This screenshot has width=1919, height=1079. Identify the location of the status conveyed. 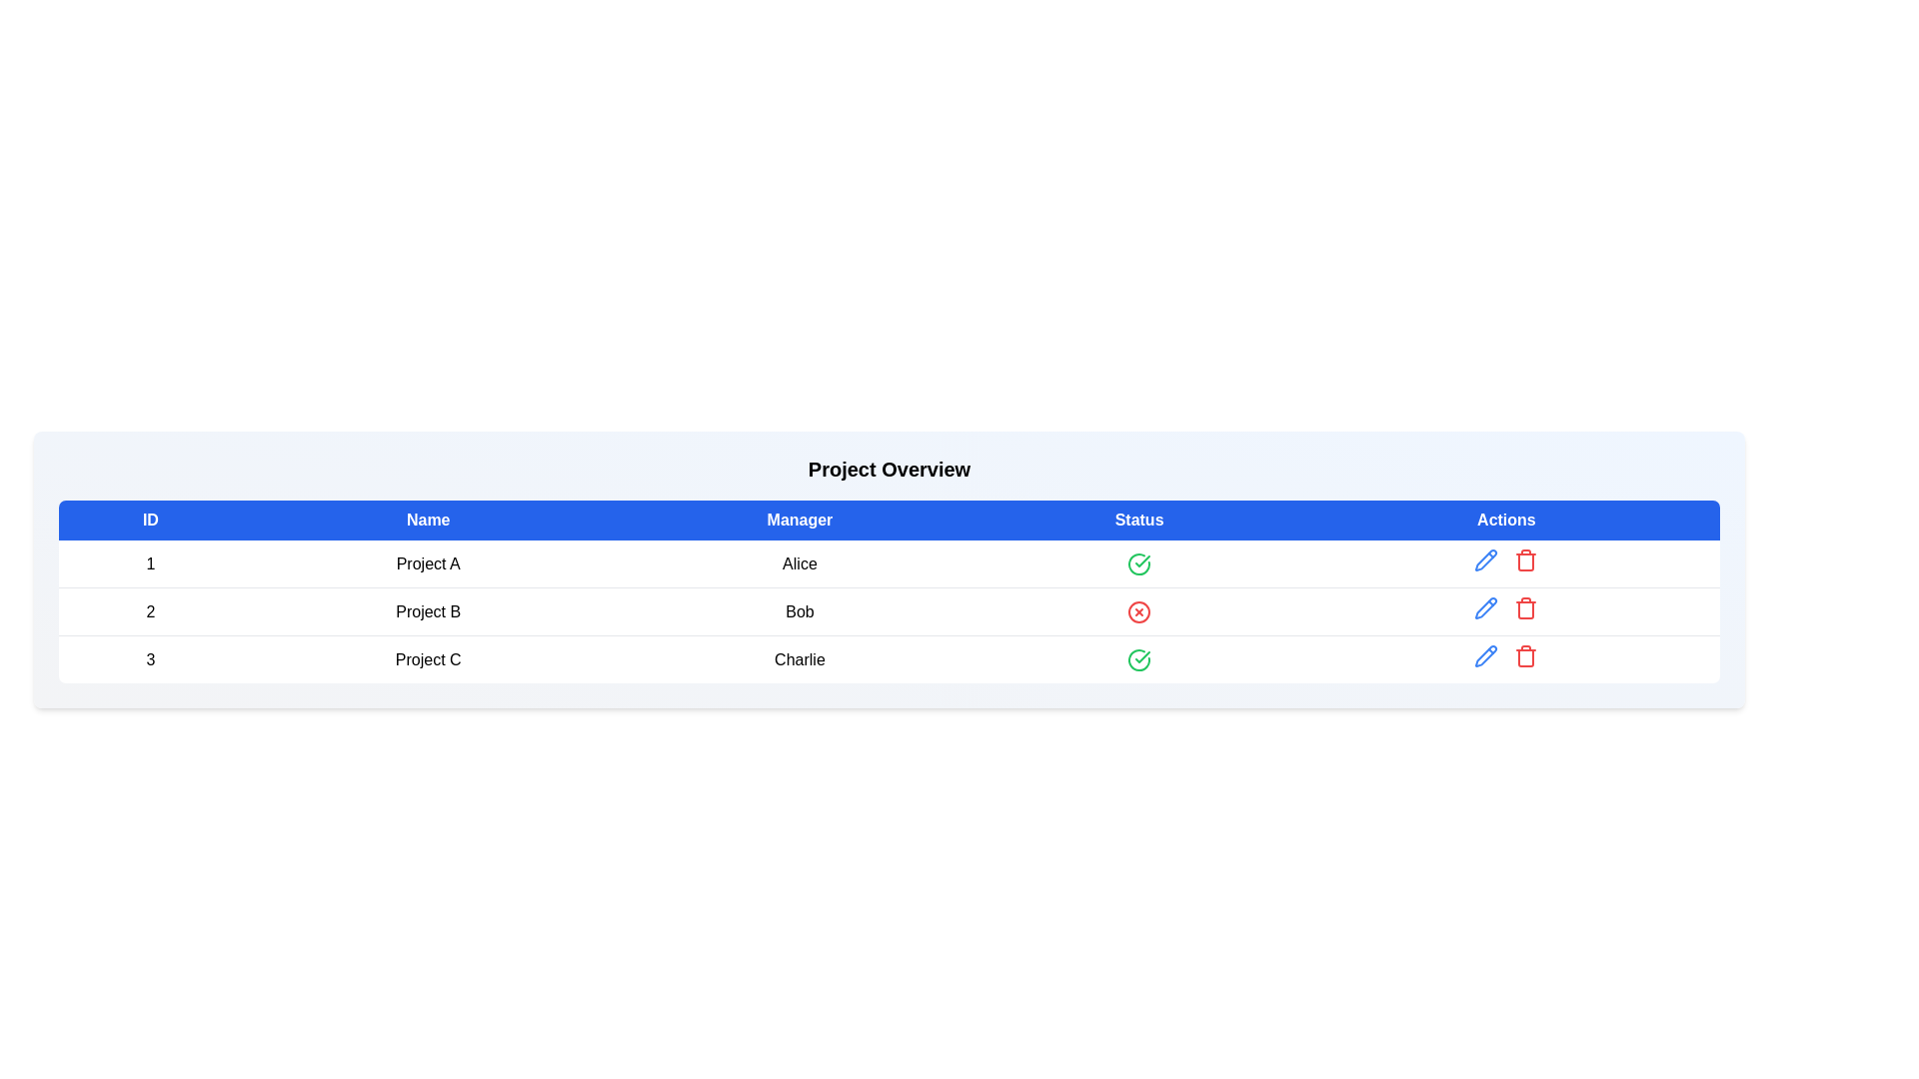
(1142, 560).